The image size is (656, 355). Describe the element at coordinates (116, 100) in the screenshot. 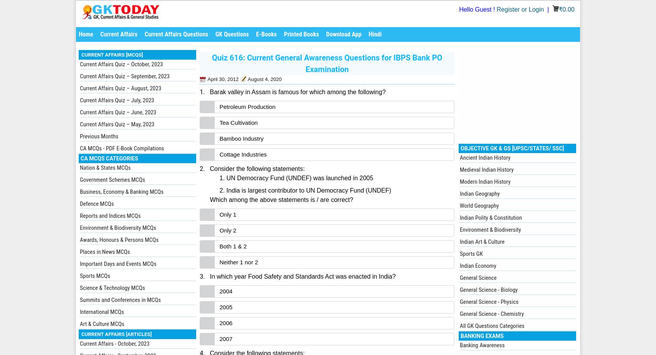

I see `'Current Affairs Quiz – July, 2023'` at that location.